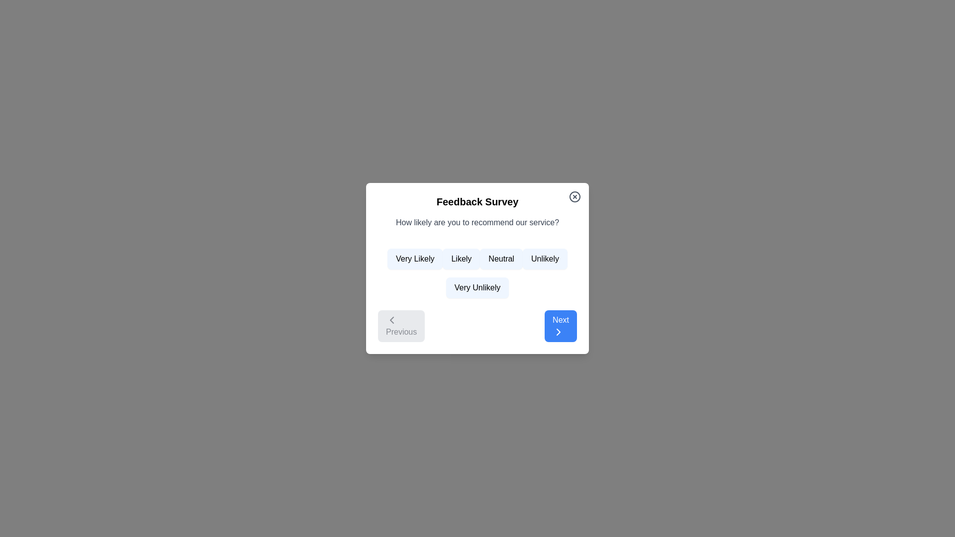 The height and width of the screenshot is (537, 955). I want to click on the close button surrounding the SVG Circle, which visually indicates its function, so click(575, 197).